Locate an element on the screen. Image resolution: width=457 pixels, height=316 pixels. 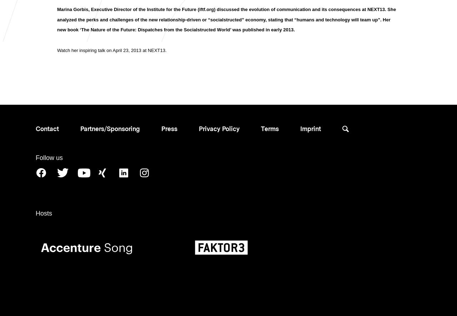
'Follow us' is located at coordinates (49, 157).